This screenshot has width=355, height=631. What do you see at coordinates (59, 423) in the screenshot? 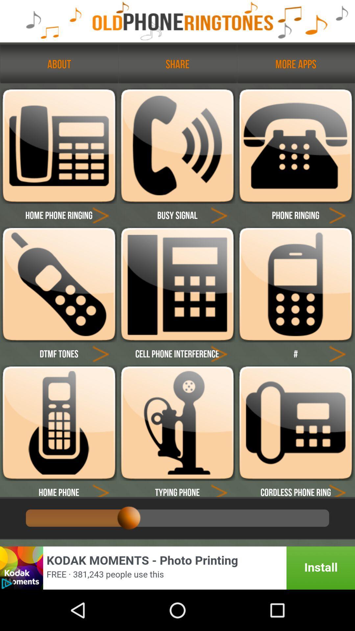
I see `open home phone options` at bounding box center [59, 423].